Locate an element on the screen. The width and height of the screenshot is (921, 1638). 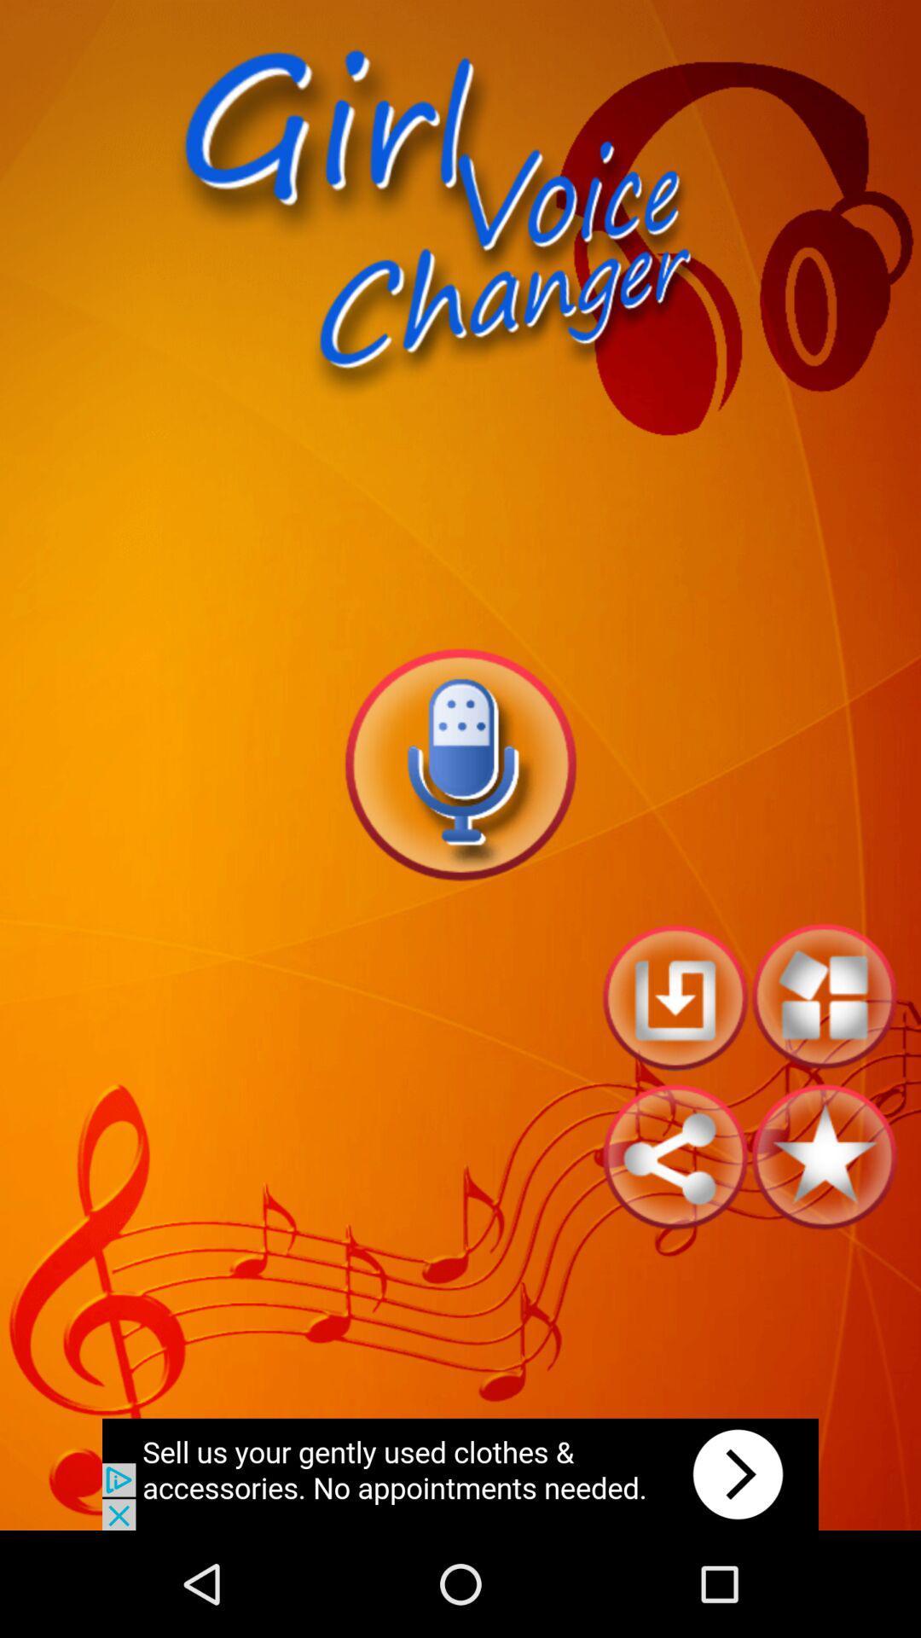
next is located at coordinates (460, 1473).